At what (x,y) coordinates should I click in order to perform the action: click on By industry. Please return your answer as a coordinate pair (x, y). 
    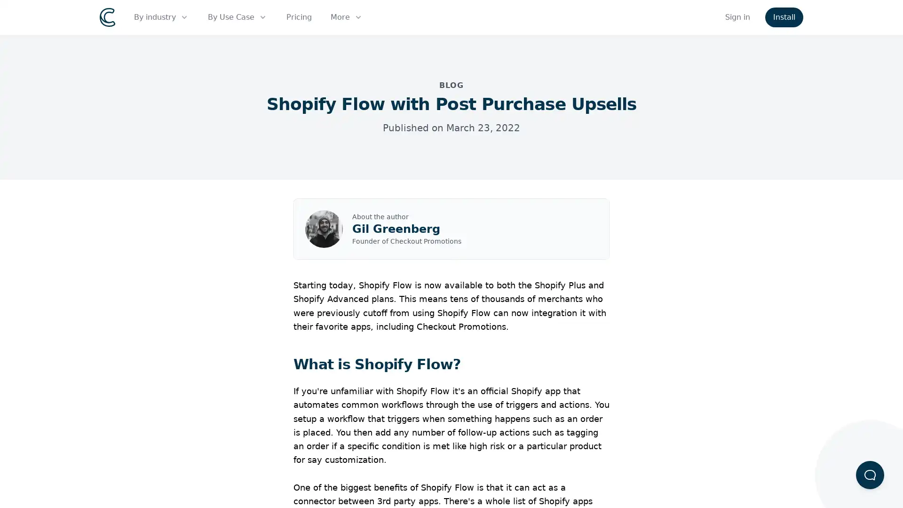
    Looking at the image, I should click on (161, 17).